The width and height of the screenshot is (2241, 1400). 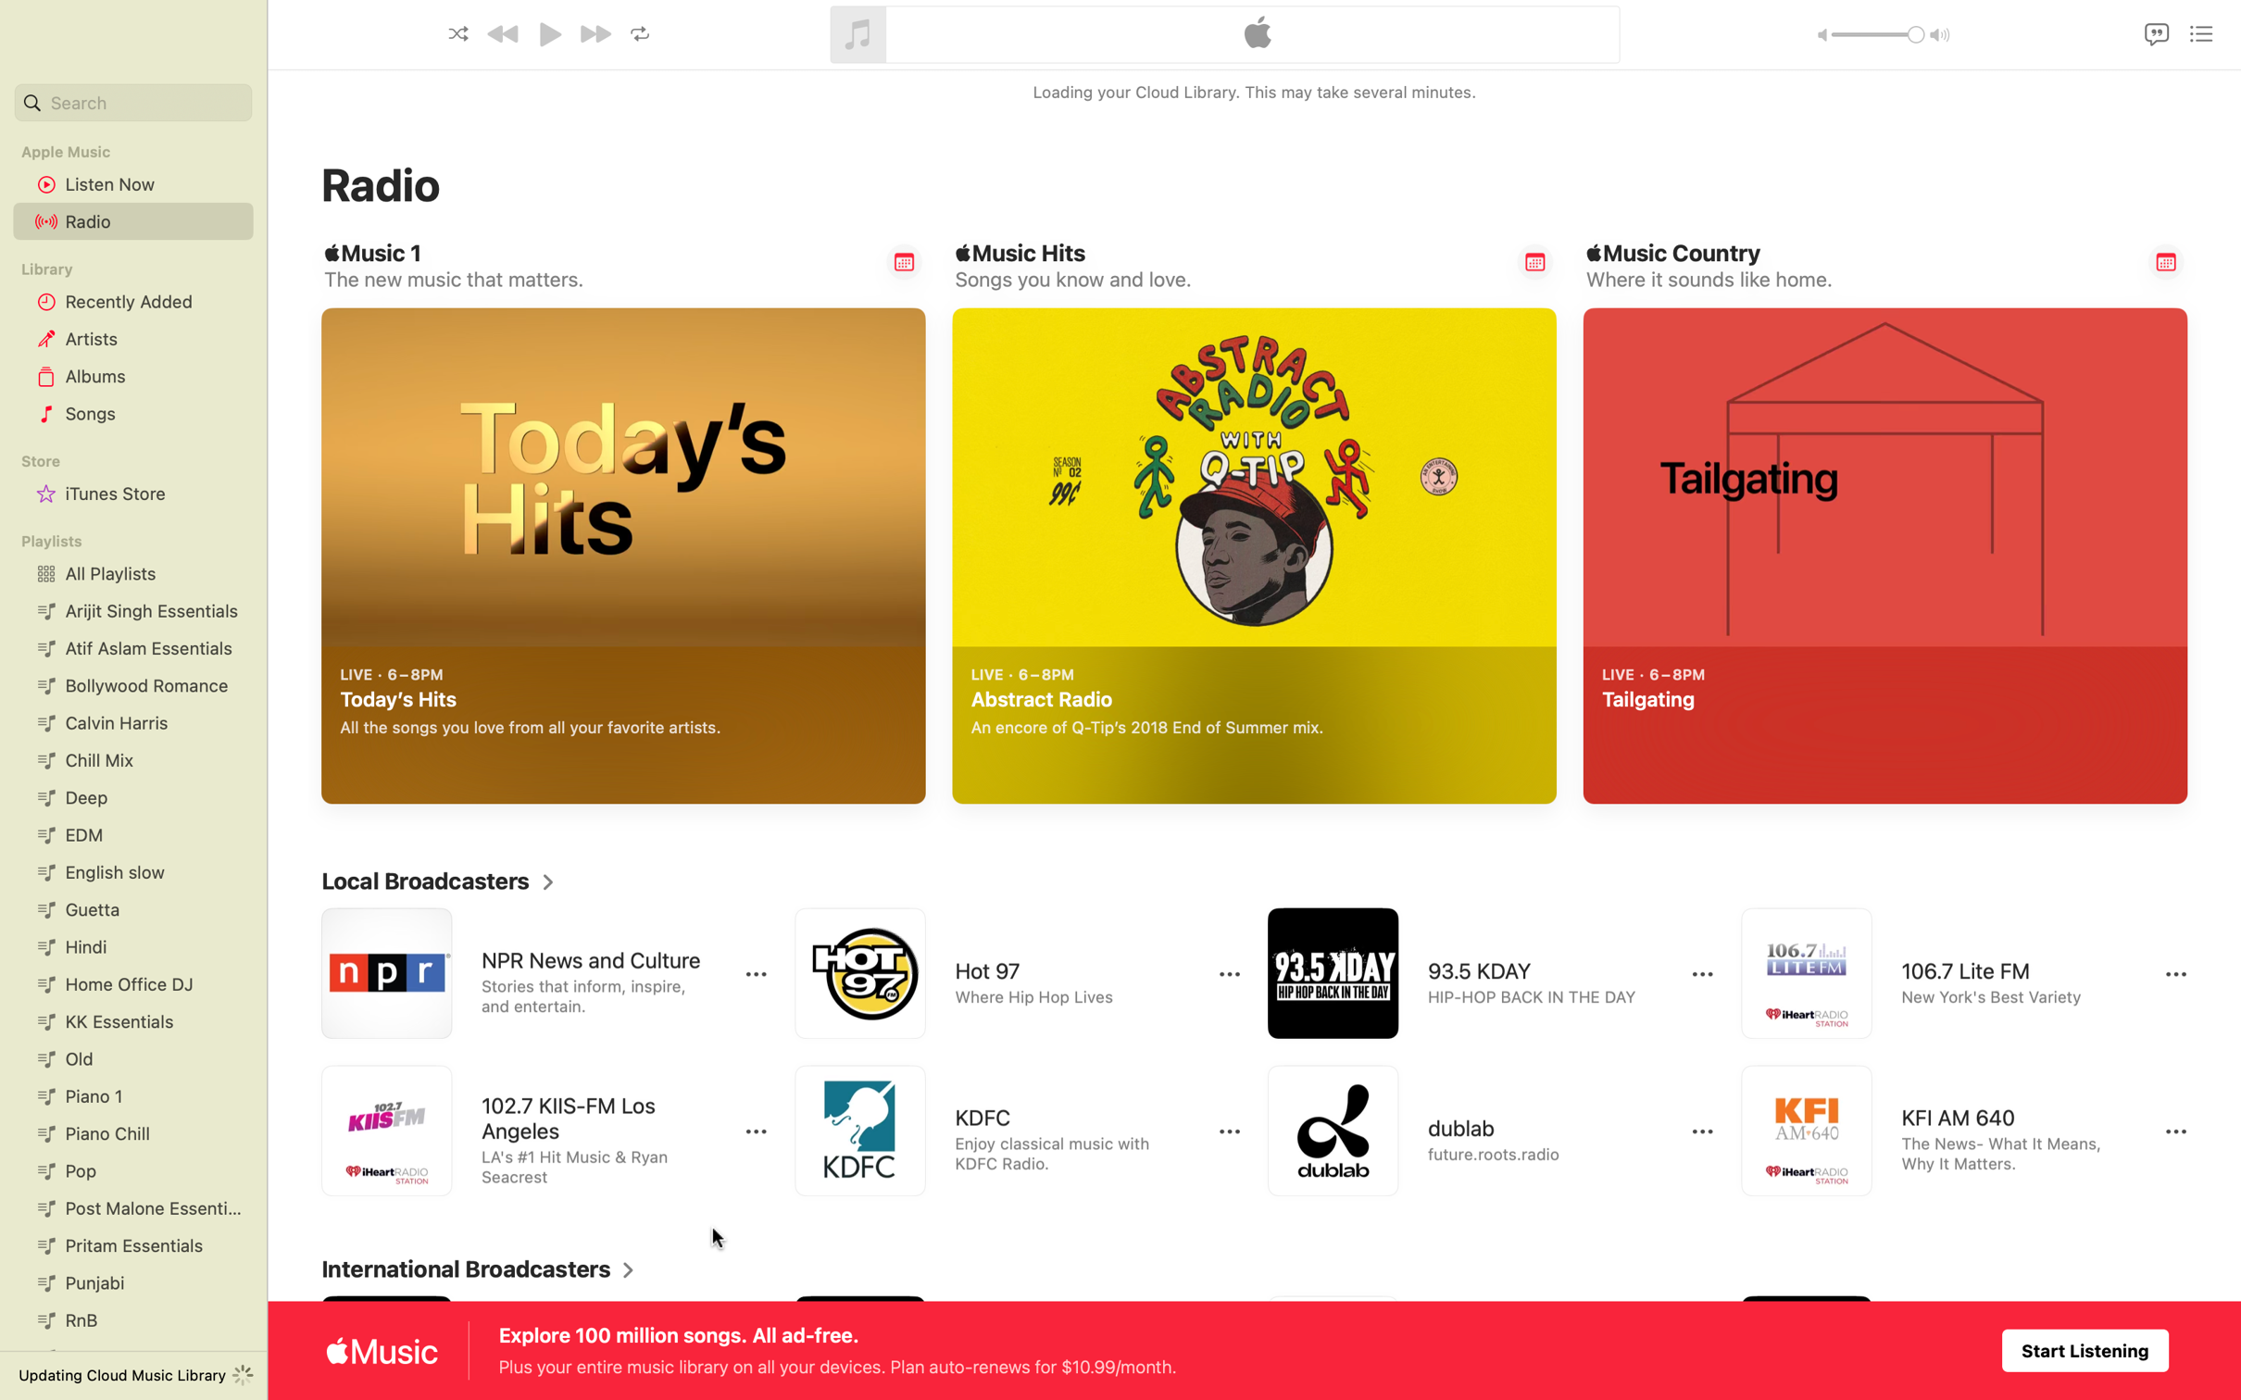 I want to click on View full list of international radio stations, so click(x=478, y=1269).